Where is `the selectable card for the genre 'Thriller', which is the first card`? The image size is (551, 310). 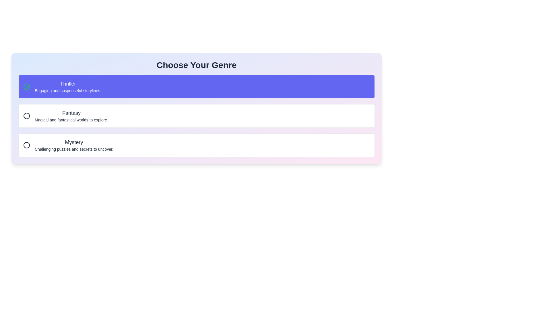 the selectable card for the genre 'Thriller', which is the first card is located at coordinates (197, 86).